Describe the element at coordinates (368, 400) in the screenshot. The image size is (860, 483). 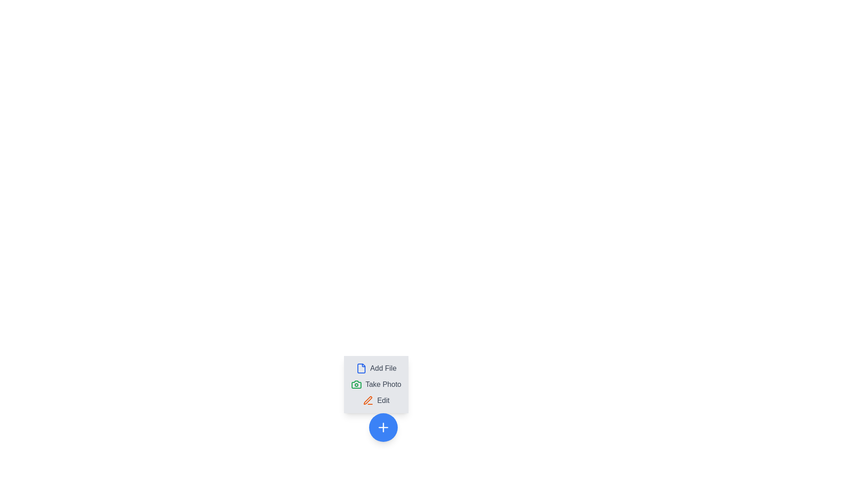
I see `the pen icon representing the 'Edit' functionality, located to the left of the text 'Edit' in the bottom-right menu` at that location.